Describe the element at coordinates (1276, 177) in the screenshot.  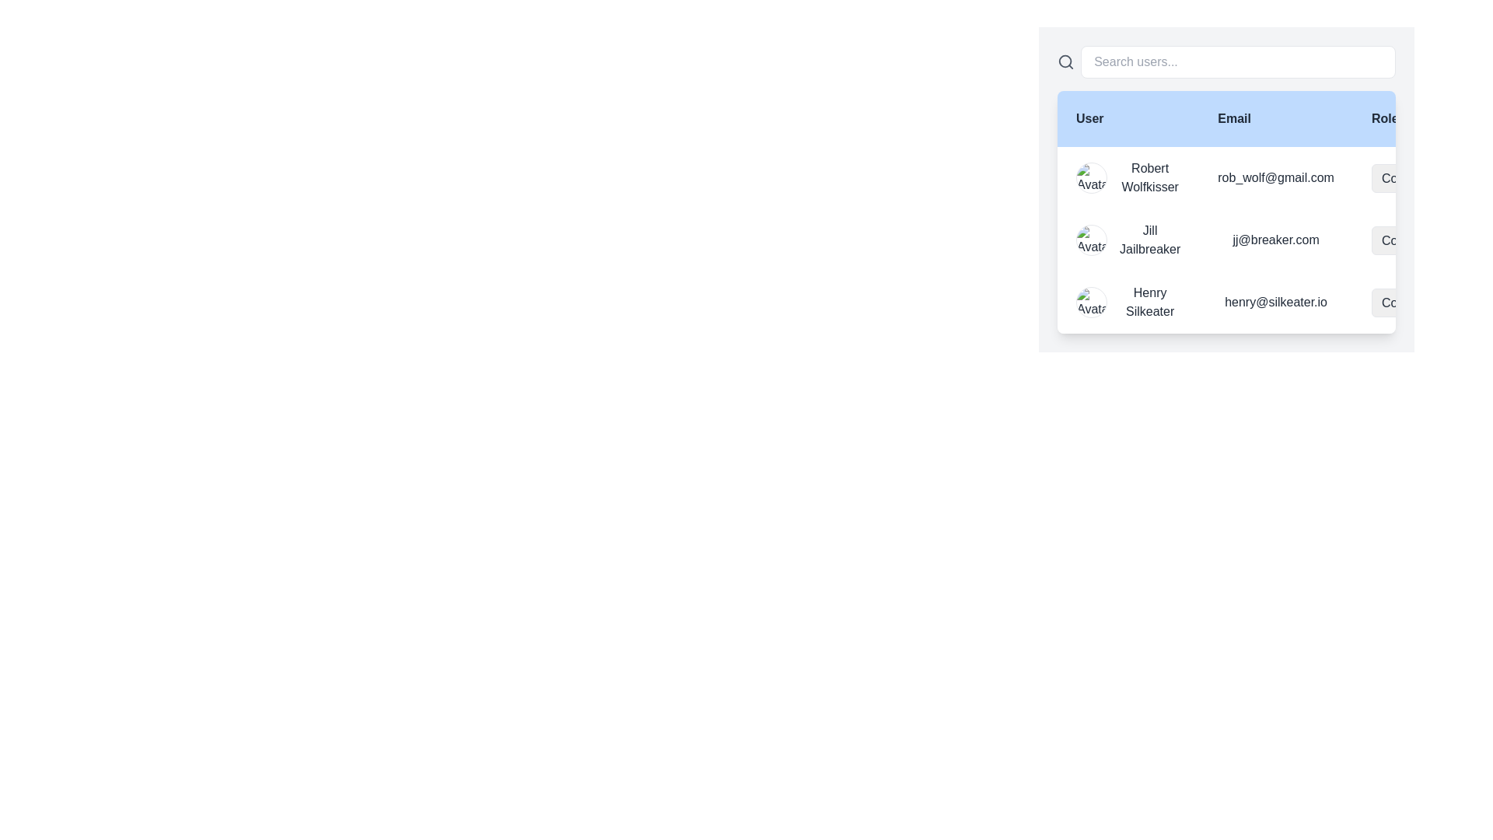
I see `the text display showing 'rob_wolf@gmail.com'` at that location.